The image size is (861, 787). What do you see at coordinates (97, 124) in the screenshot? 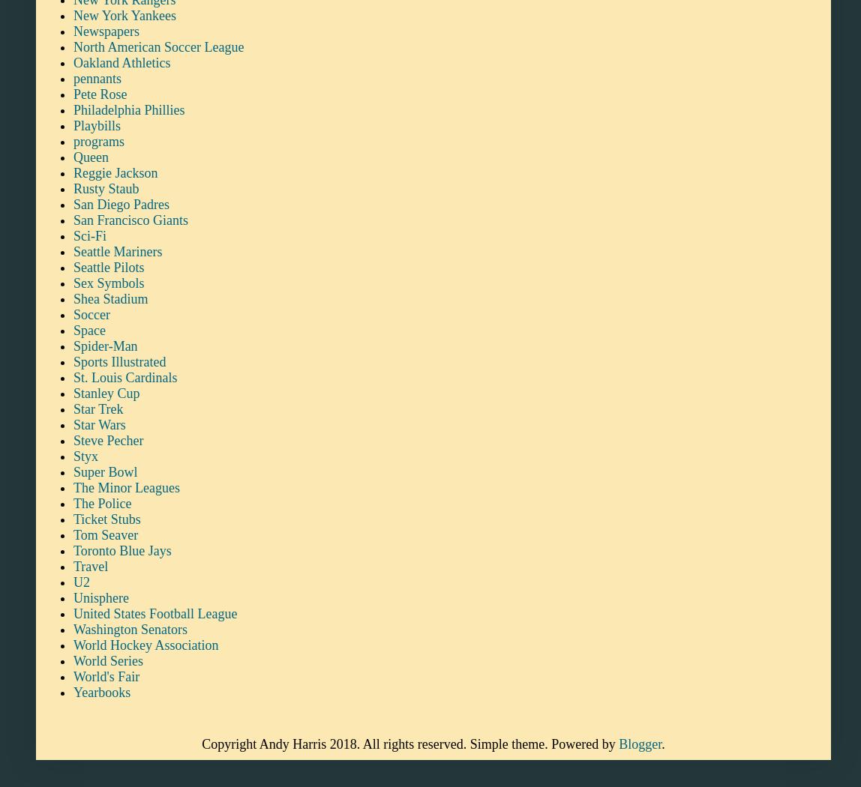
I see `'Playbills'` at bounding box center [97, 124].